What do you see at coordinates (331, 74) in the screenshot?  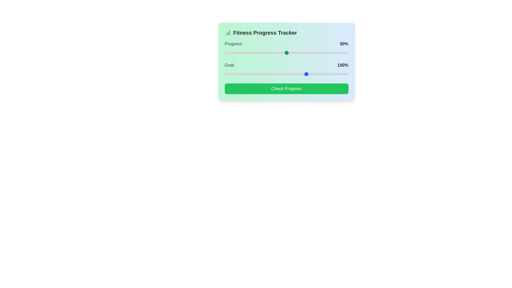 I see `the goal slider to 136%` at bounding box center [331, 74].